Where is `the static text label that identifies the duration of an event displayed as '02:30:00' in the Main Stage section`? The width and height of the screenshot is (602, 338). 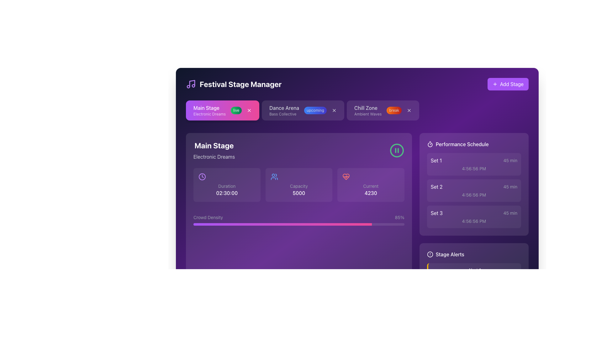 the static text label that identifies the duration of an event displayed as '02:30:00' in the Main Stage section is located at coordinates (226, 186).